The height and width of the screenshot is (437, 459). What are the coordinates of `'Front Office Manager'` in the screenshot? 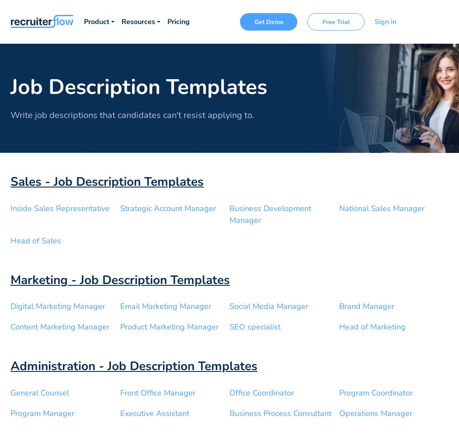 It's located at (157, 392).